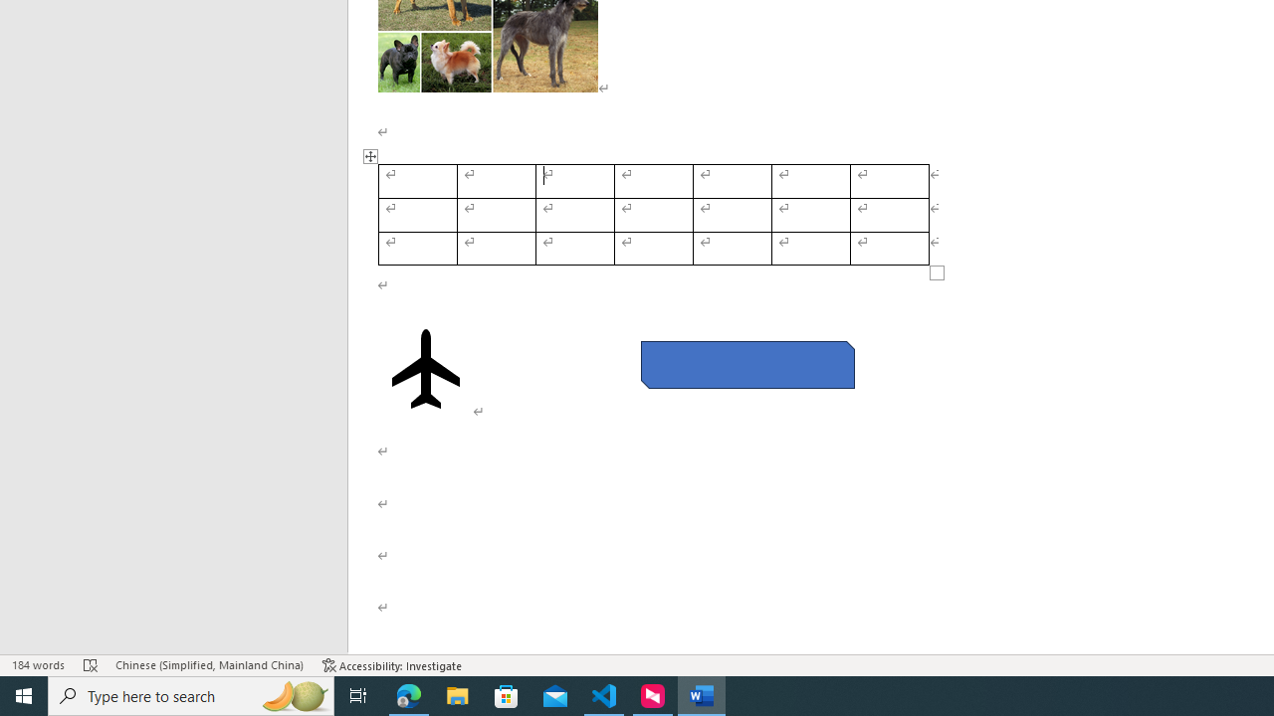 The height and width of the screenshot is (716, 1274). Describe the element at coordinates (392, 665) in the screenshot. I see `'Accessibility Checker Accessibility: Investigate'` at that location.